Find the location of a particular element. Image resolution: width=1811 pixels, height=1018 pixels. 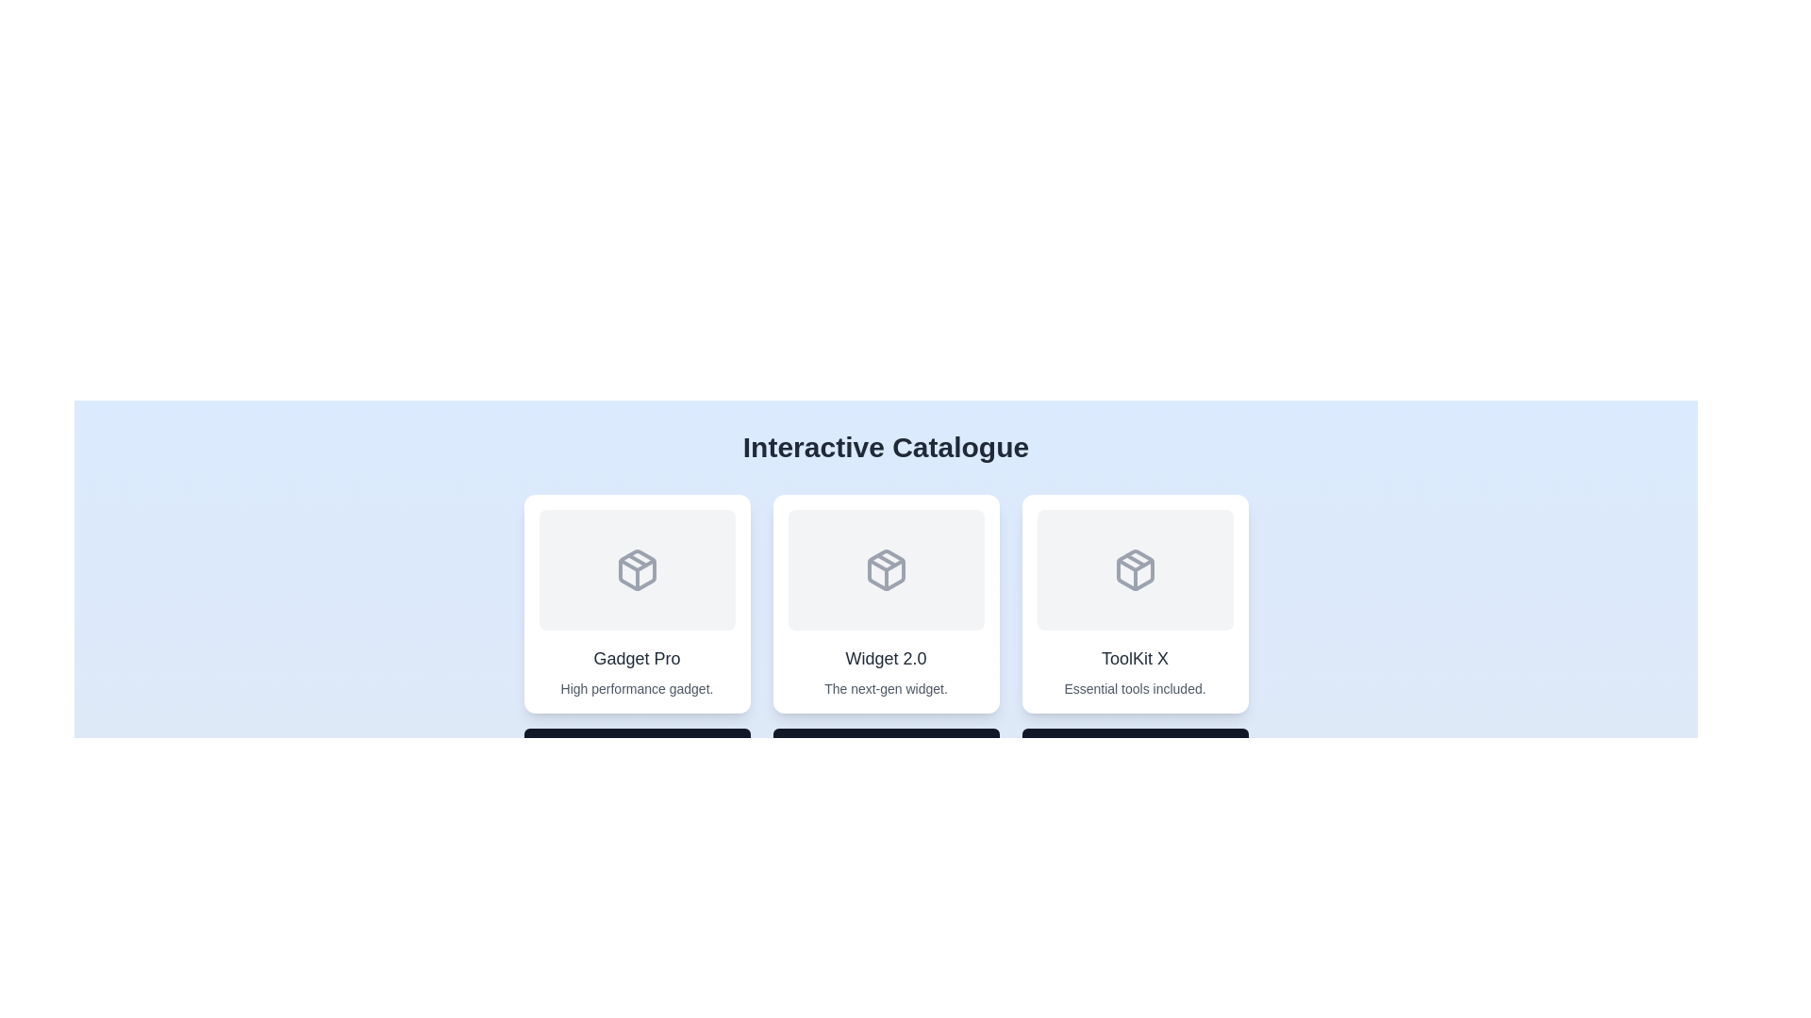

the text label 'Gadget Pro' is located at coordinates (637, 657).